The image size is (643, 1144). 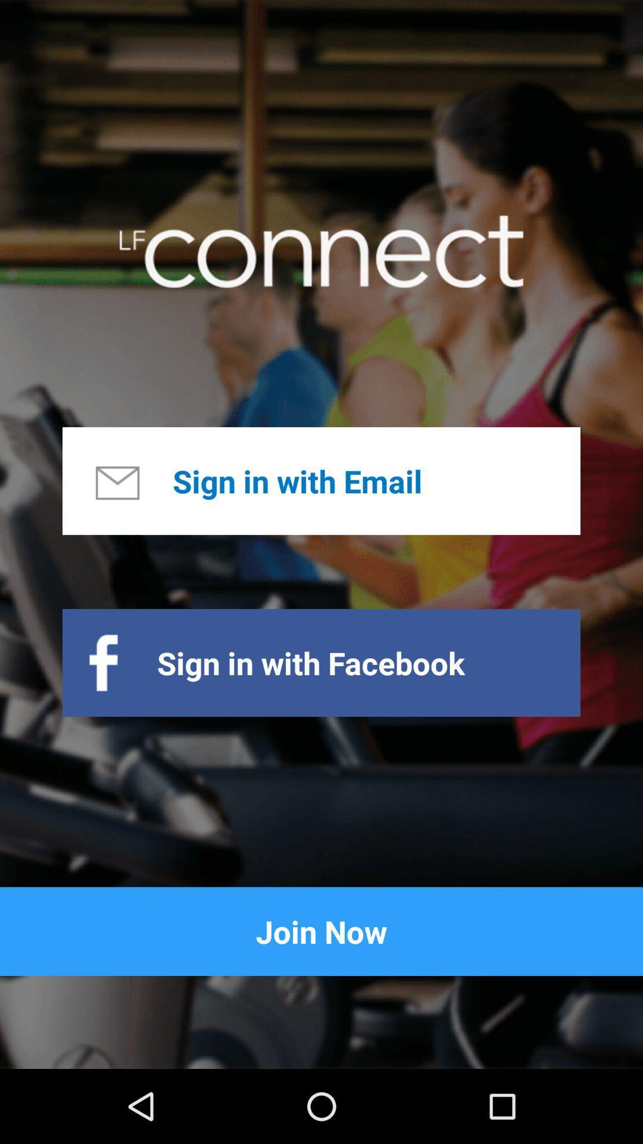 I want to click on the join now at the bottom, so click(x=321, y=931).